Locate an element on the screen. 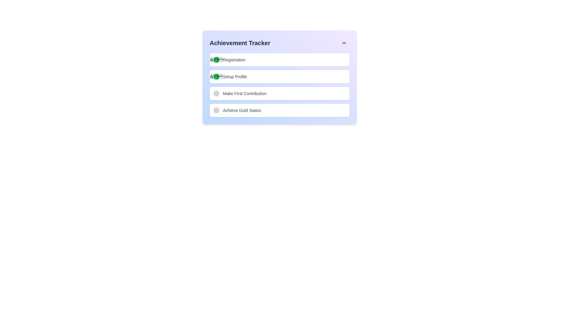 The width and height of the screenshot is (578, 325). the second item in the vertical checklist of the 'Achievement Tracker' is located at coordinates (279, 77).